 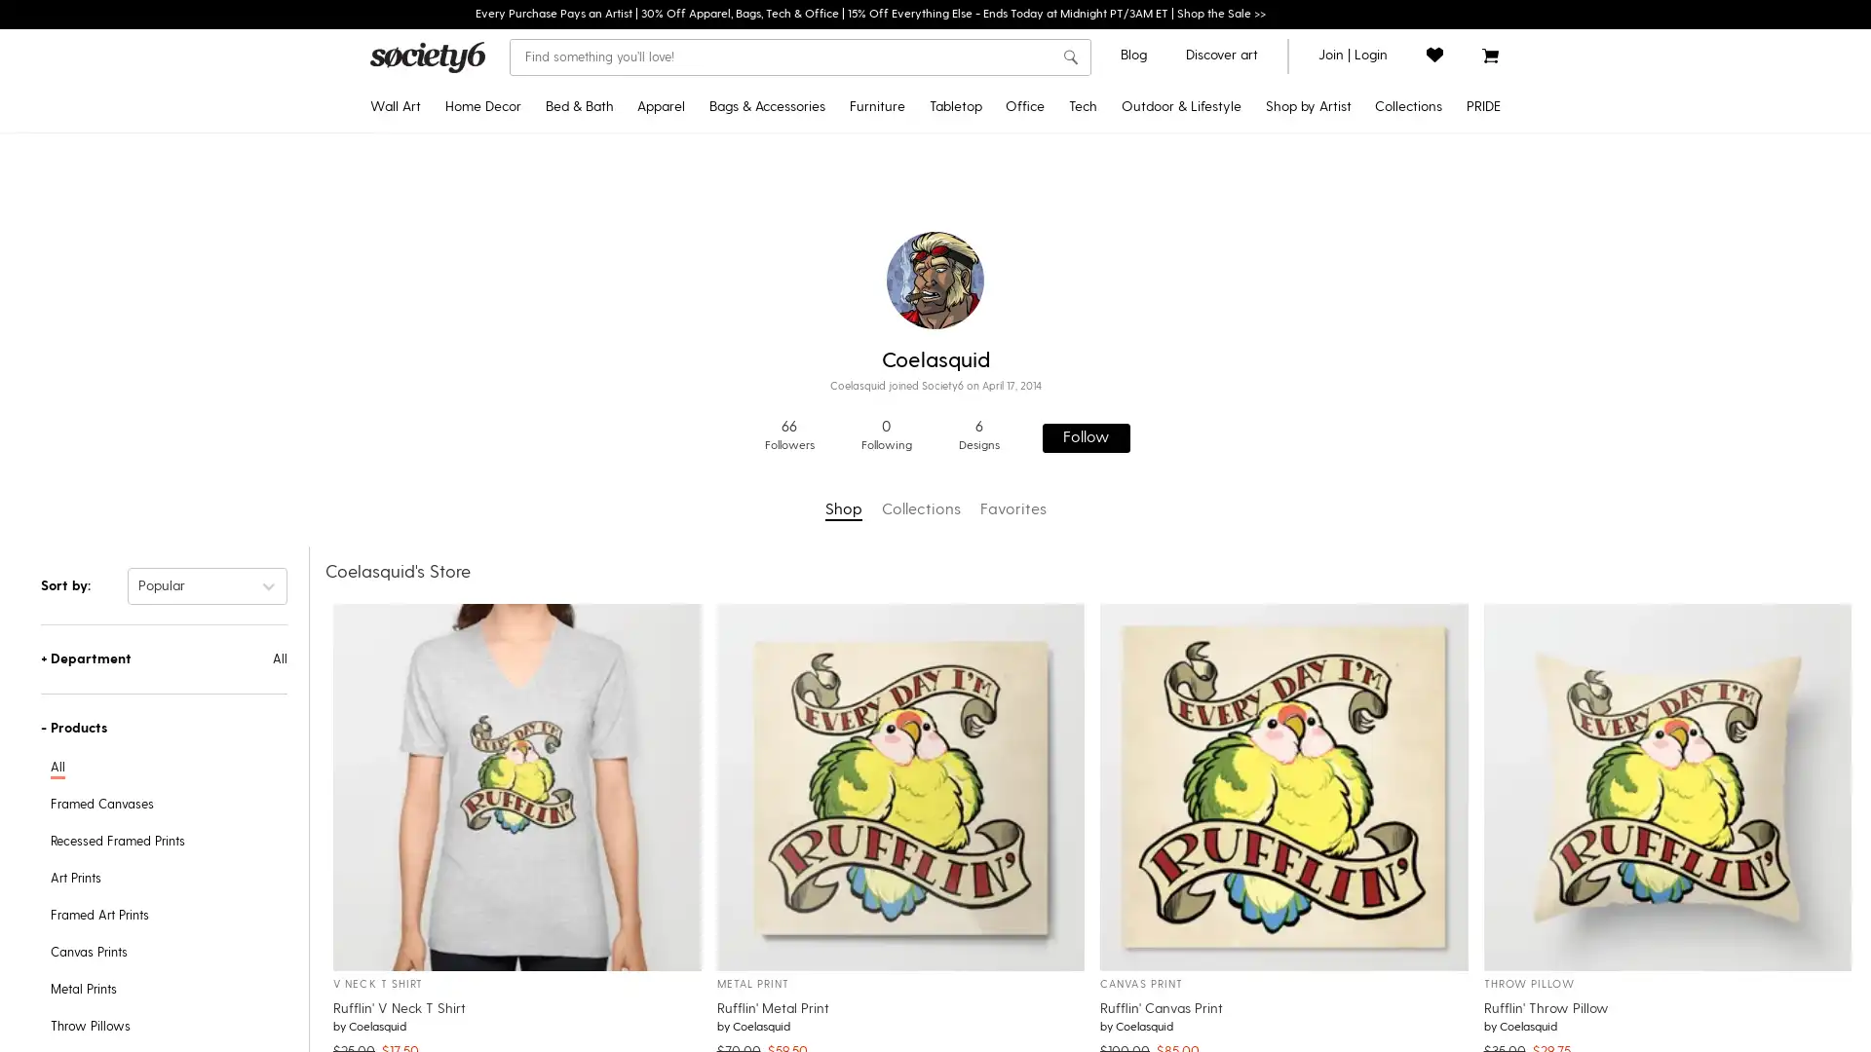 I want to click on Wall Murals, so click(x=519, y=501).